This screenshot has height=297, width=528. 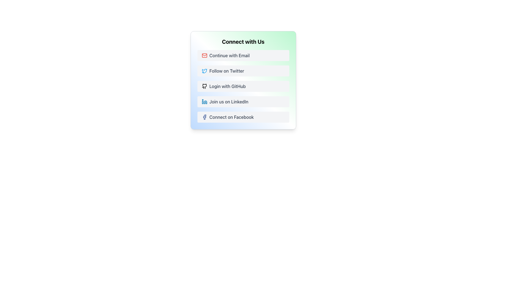 What do you see at coordinates (204, 86) in the screenshot?
I see `the GitHub logo icon, which is a small black and white cat-like figure inside a circle, located to the left of the 'Login with GitHub' button` at bounding box center [204, 86].